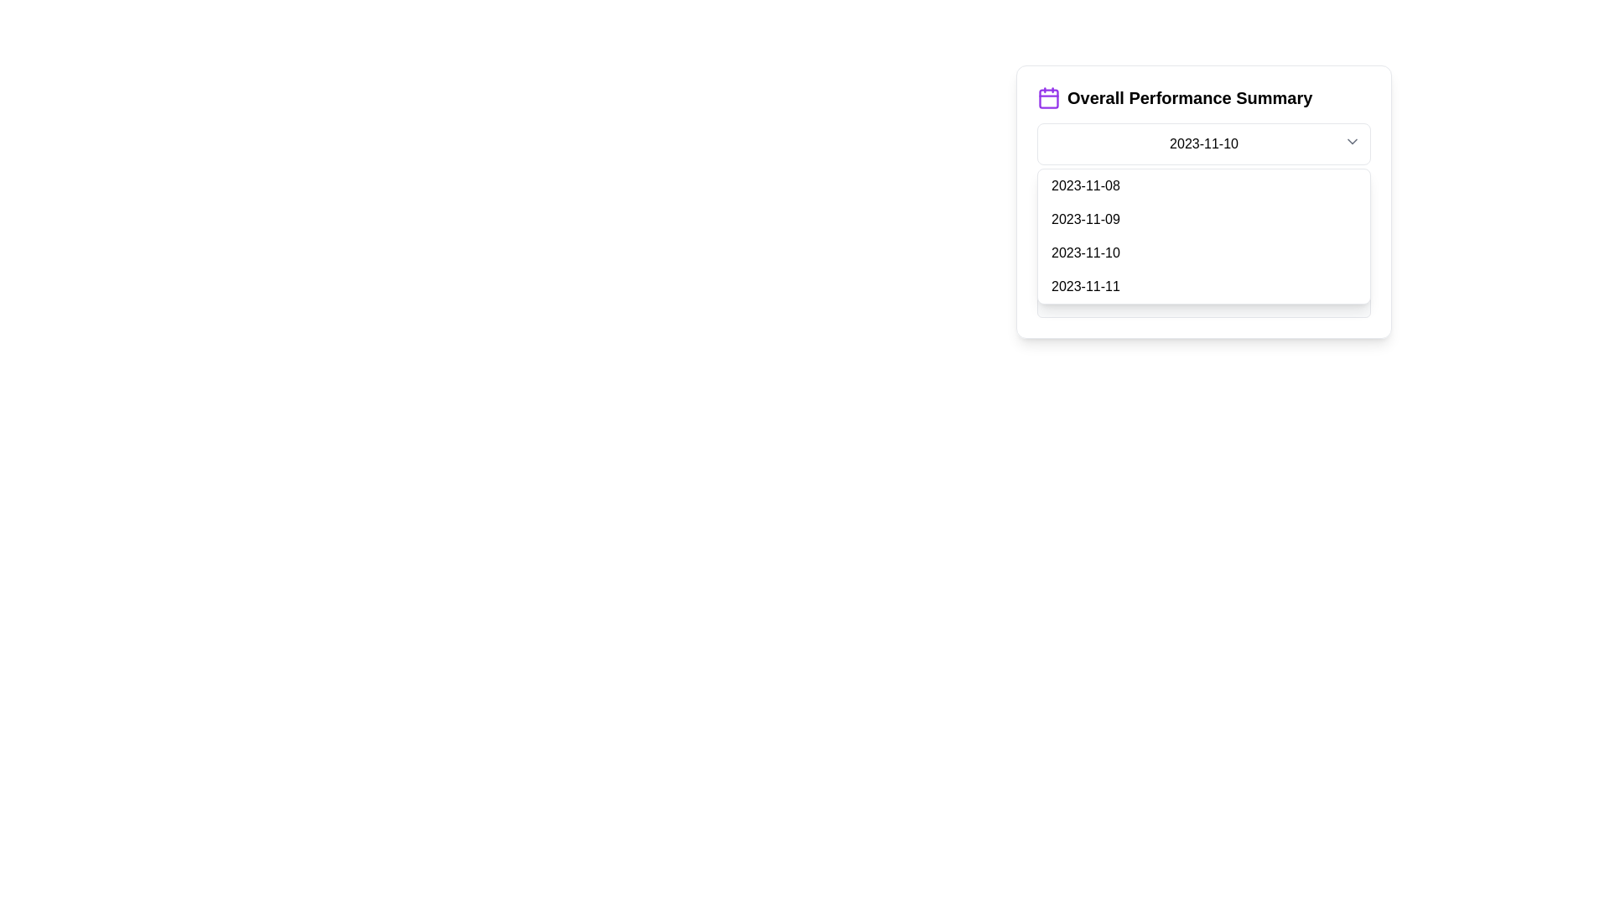  What do you see at coordinates (1352, 141) in the screenshot?
I see `the chevron icon in the upper-right corner of the date picker` at bounding box center [1352, 141].